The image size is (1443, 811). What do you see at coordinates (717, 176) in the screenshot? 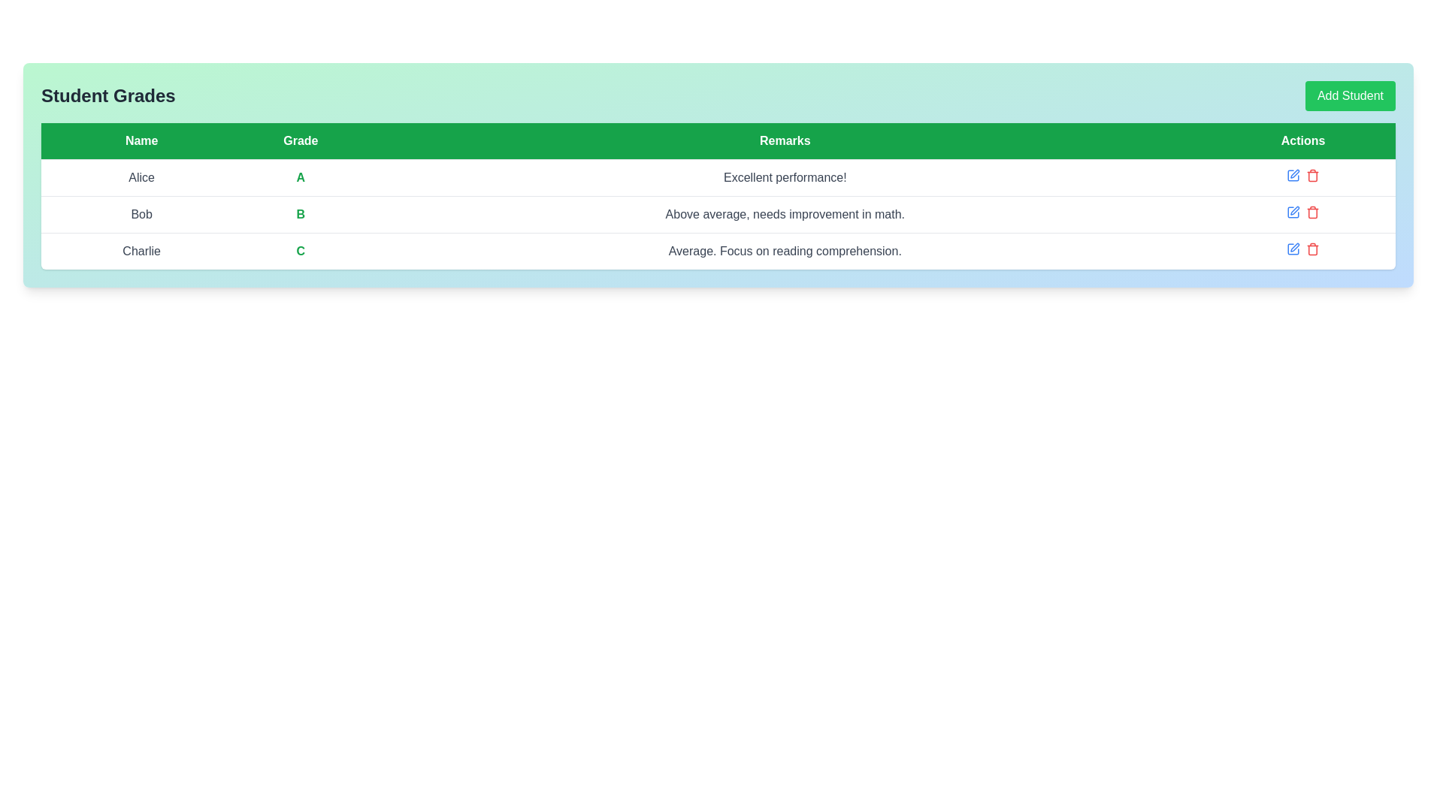
I see `the first row in the 'Student Grades' table, which contains the name 'Alice', grade 'A', and remarks 'Excellent performance!'` at bounding box center [717, 176].